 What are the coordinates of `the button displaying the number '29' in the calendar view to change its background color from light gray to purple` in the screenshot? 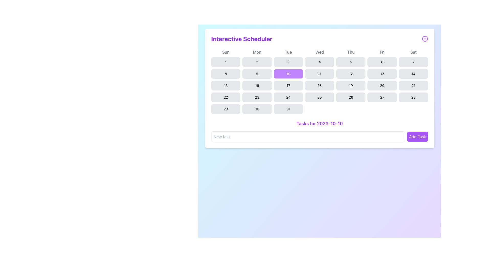 It's located at (226, 109).